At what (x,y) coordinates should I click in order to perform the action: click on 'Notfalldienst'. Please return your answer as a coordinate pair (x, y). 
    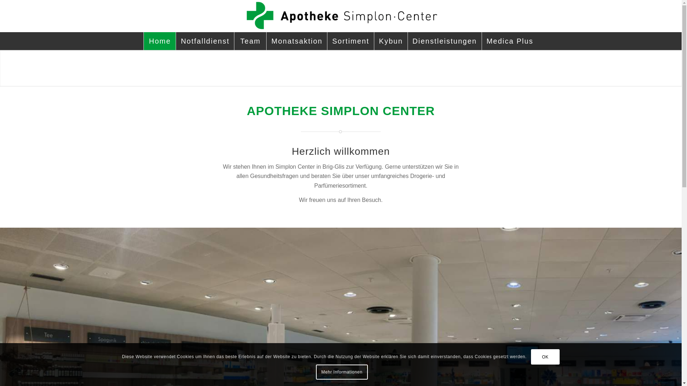
    Looking at the image, I should click on (204, 41).